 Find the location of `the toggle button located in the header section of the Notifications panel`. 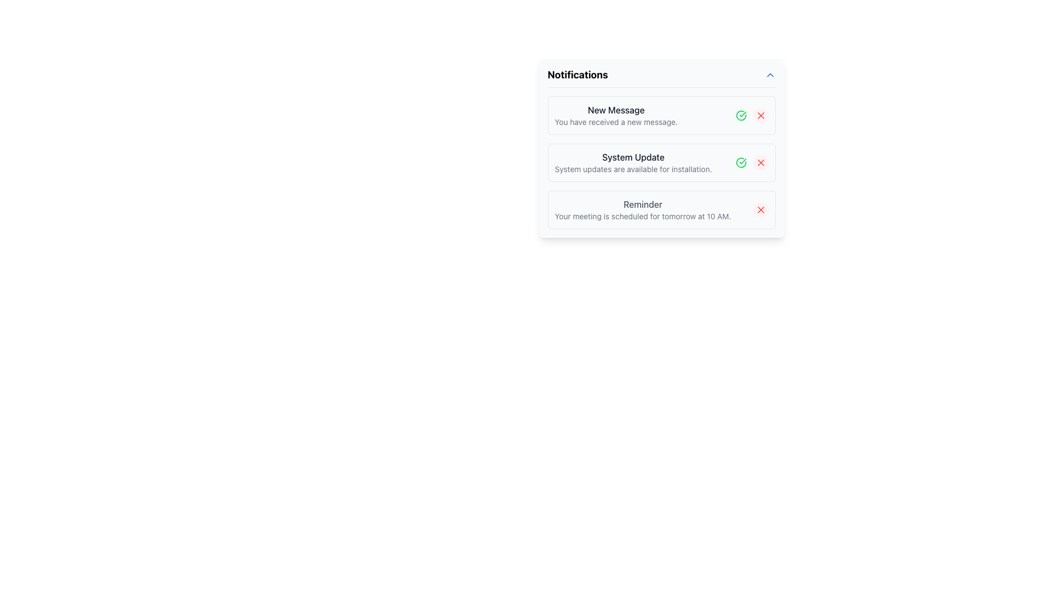

the toggle button located in the header section of the Notifications panel is located at coordinates (769, 75).